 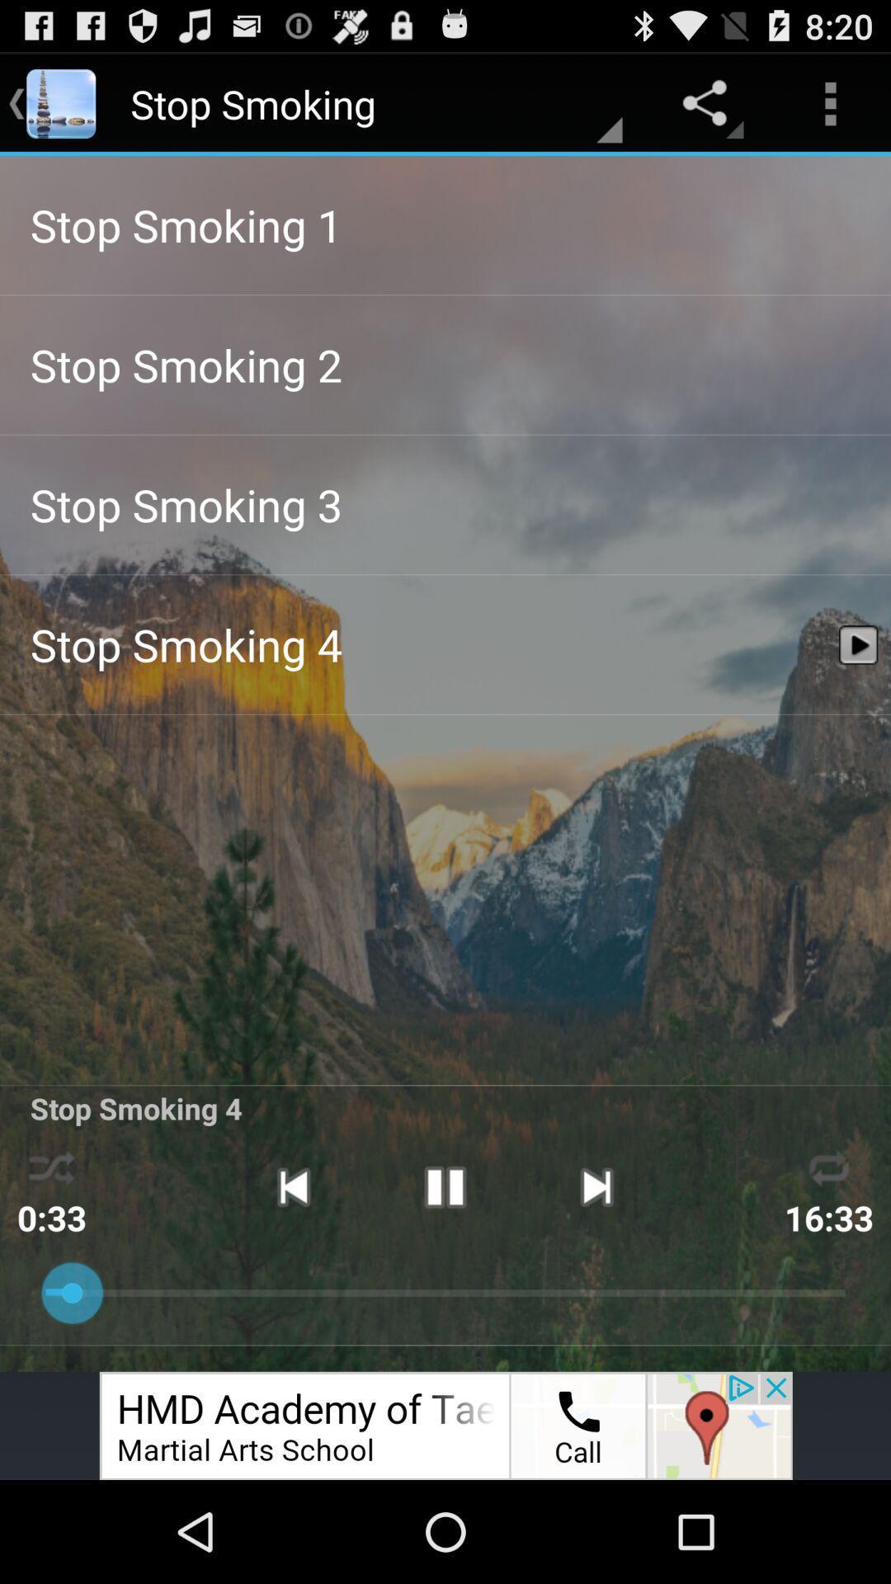 What do you see at coordinates (445, 1425) in the screenshot?
I see `space where you access advertising` at bounding box center [445, 1425].